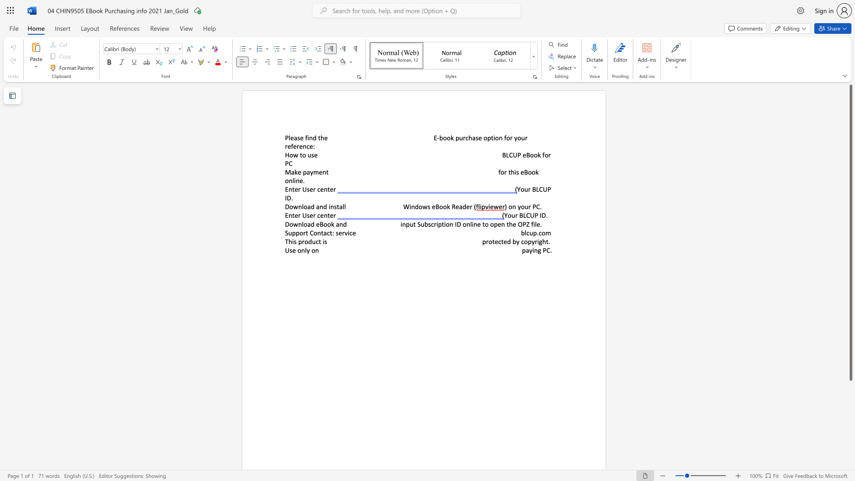 The image size is (855, 481). What do you see at coordinates (519, 207) in the screenshot?
I see `the 1th character "y" in the text` at bounding box center [519, 207].